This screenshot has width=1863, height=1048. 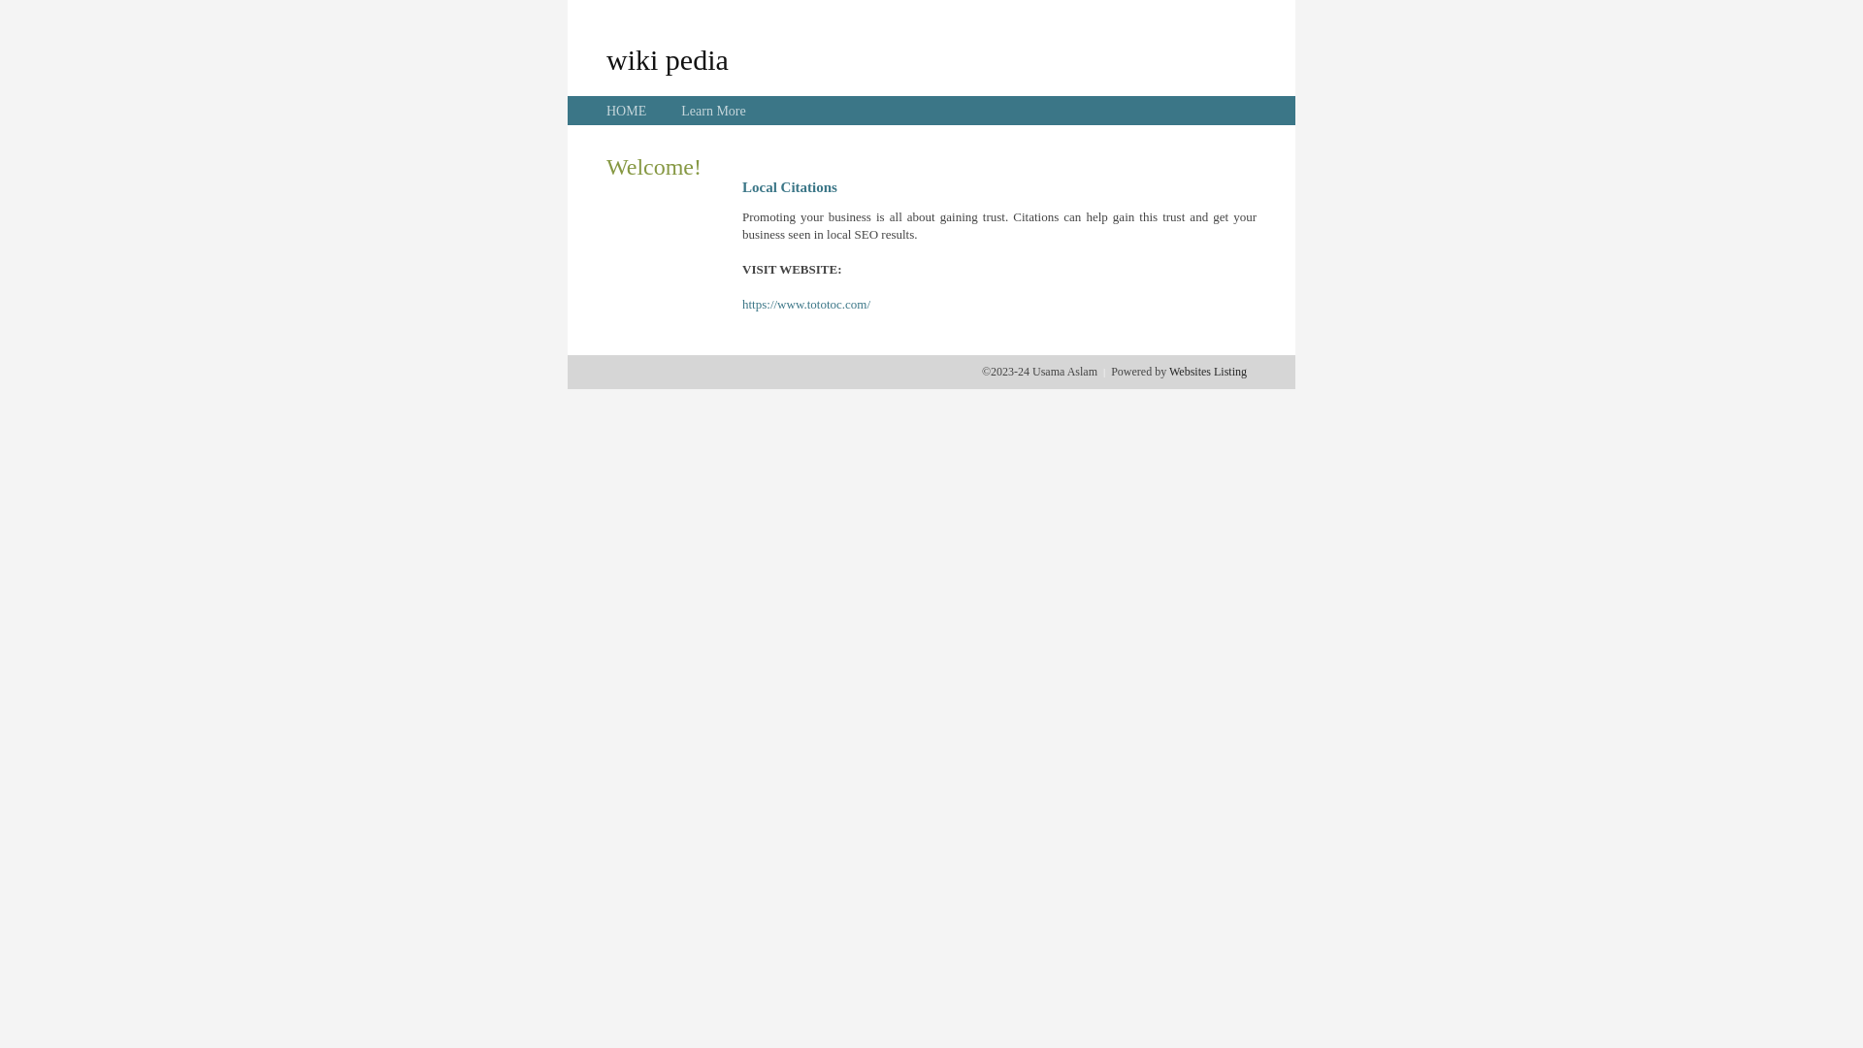 I want to click on 'Websites Listing', so click(x=1206, y=371).